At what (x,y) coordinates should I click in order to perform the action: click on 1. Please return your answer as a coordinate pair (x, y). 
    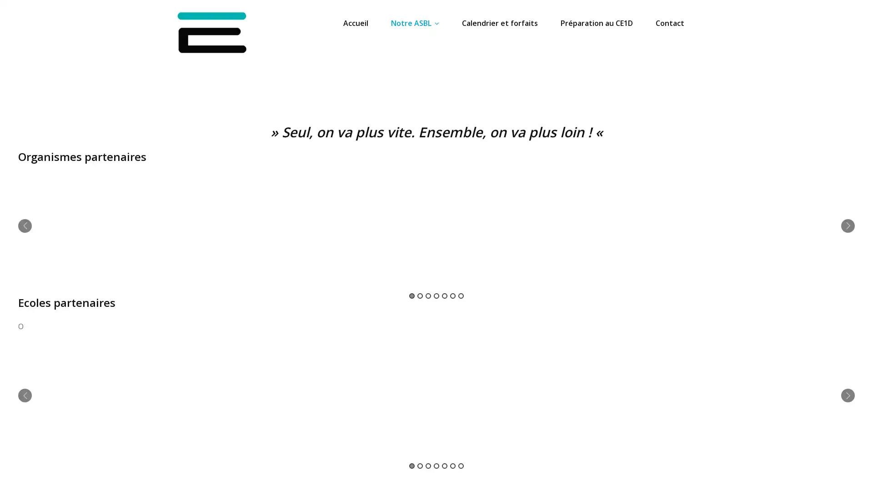
    Looking at the image, I should click on (411, 465).